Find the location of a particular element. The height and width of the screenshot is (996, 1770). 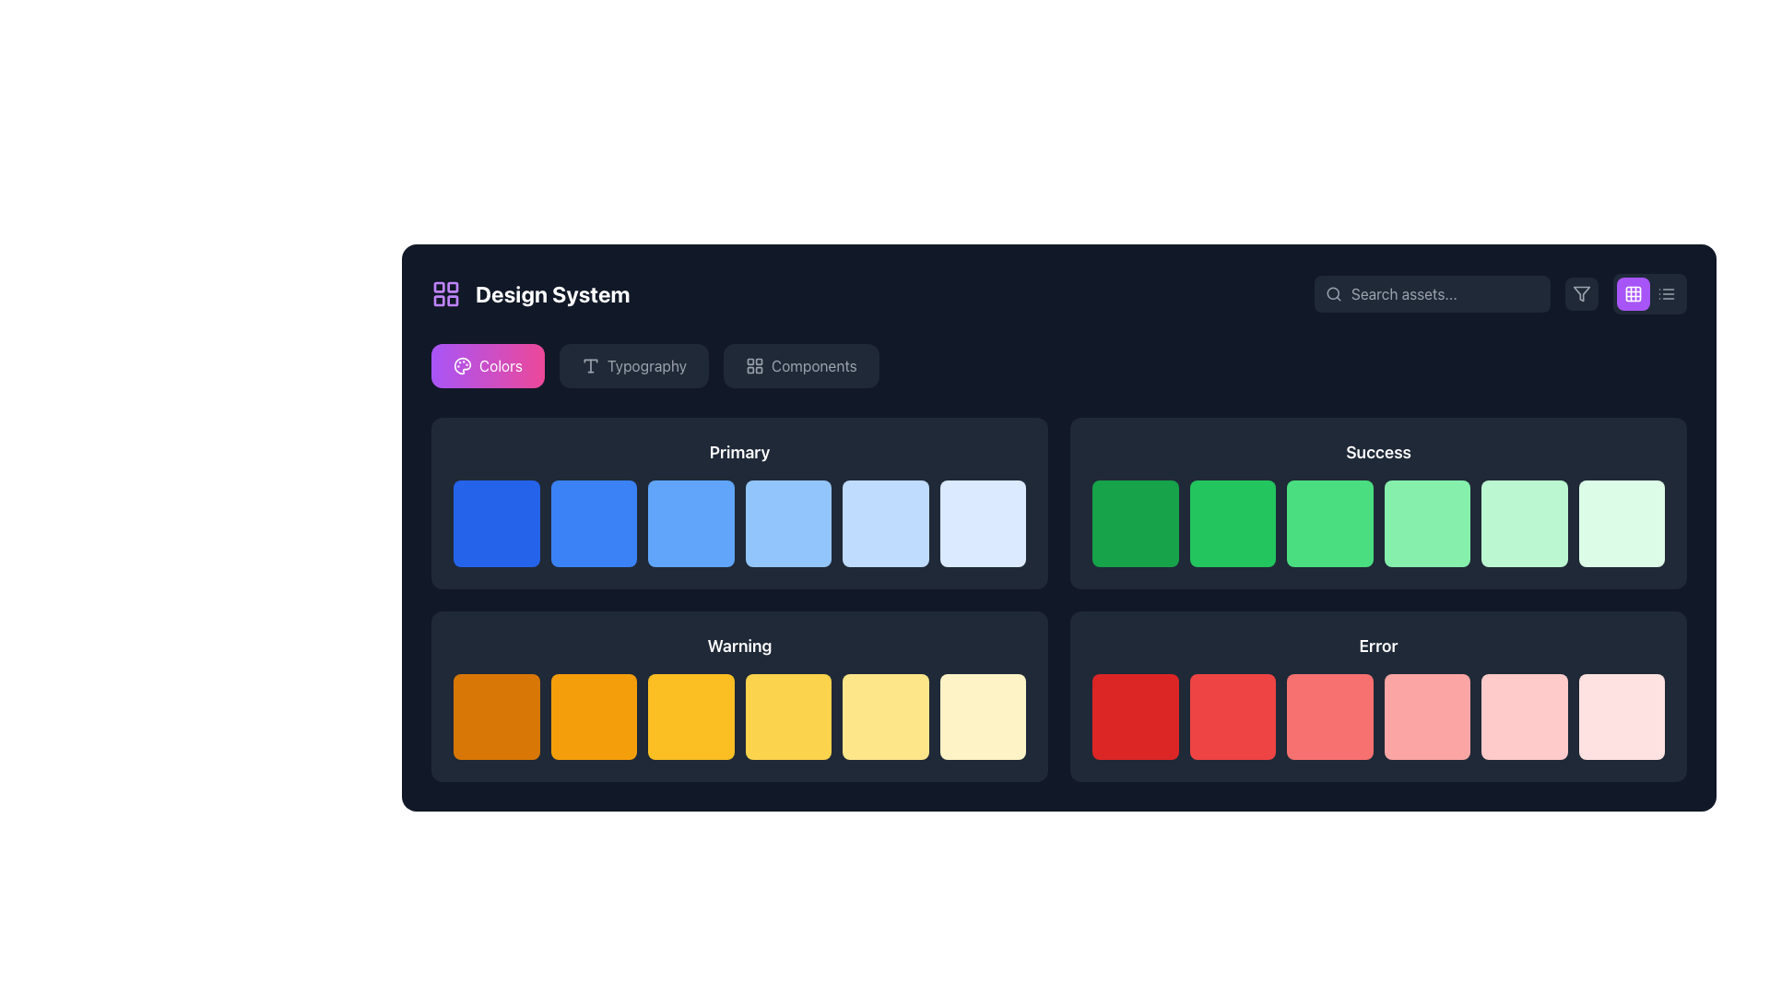

the text label displaying 'Primary' which is styled in a larger font size and bold weight against a dark background is located at coordinates (739, 452).